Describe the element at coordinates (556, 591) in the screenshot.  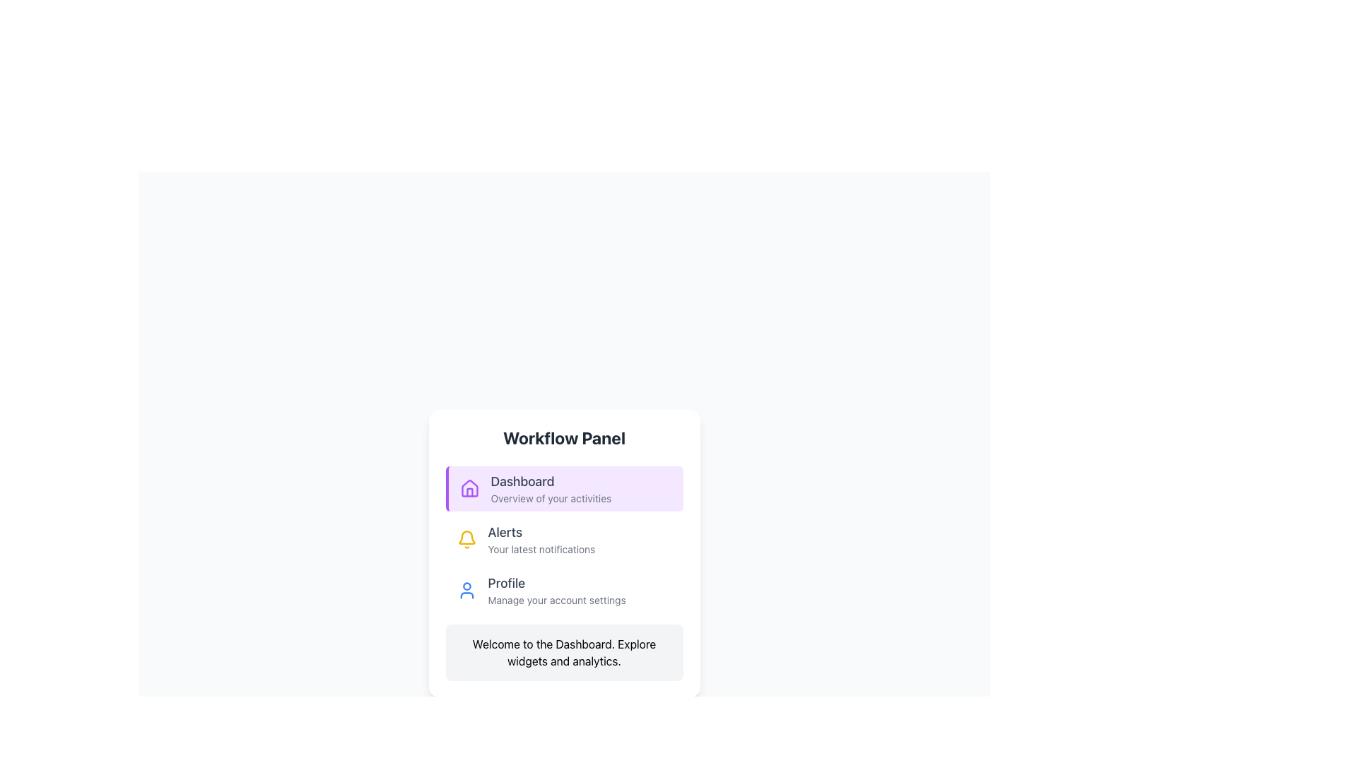
I see `the 'Profile' menu item in the 'Workflow Panel' to trigger the hover effects that change the background color` at that location.